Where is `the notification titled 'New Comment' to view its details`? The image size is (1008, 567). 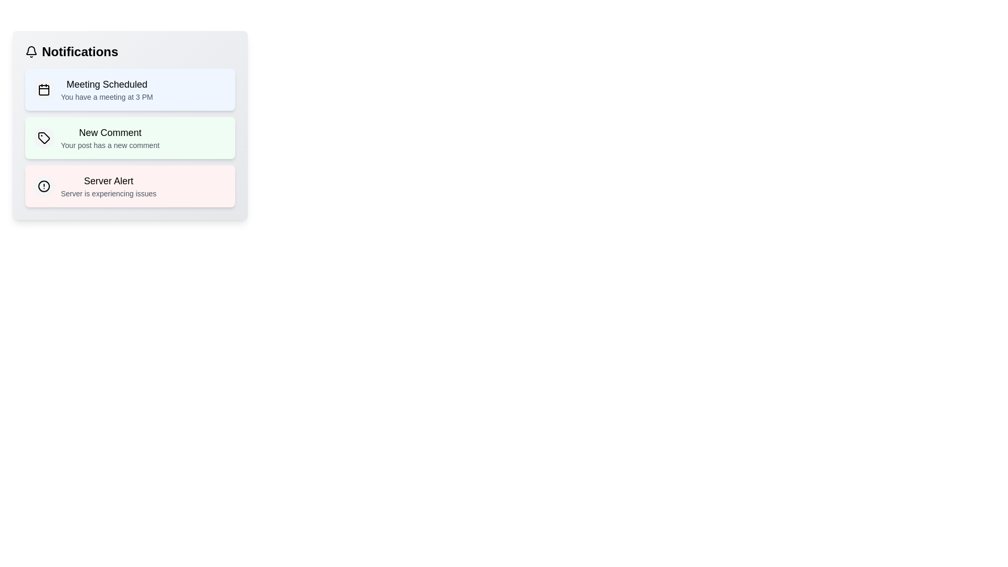
the notification titled 'New Comment' to view its details is located at coordinates (130, 137).